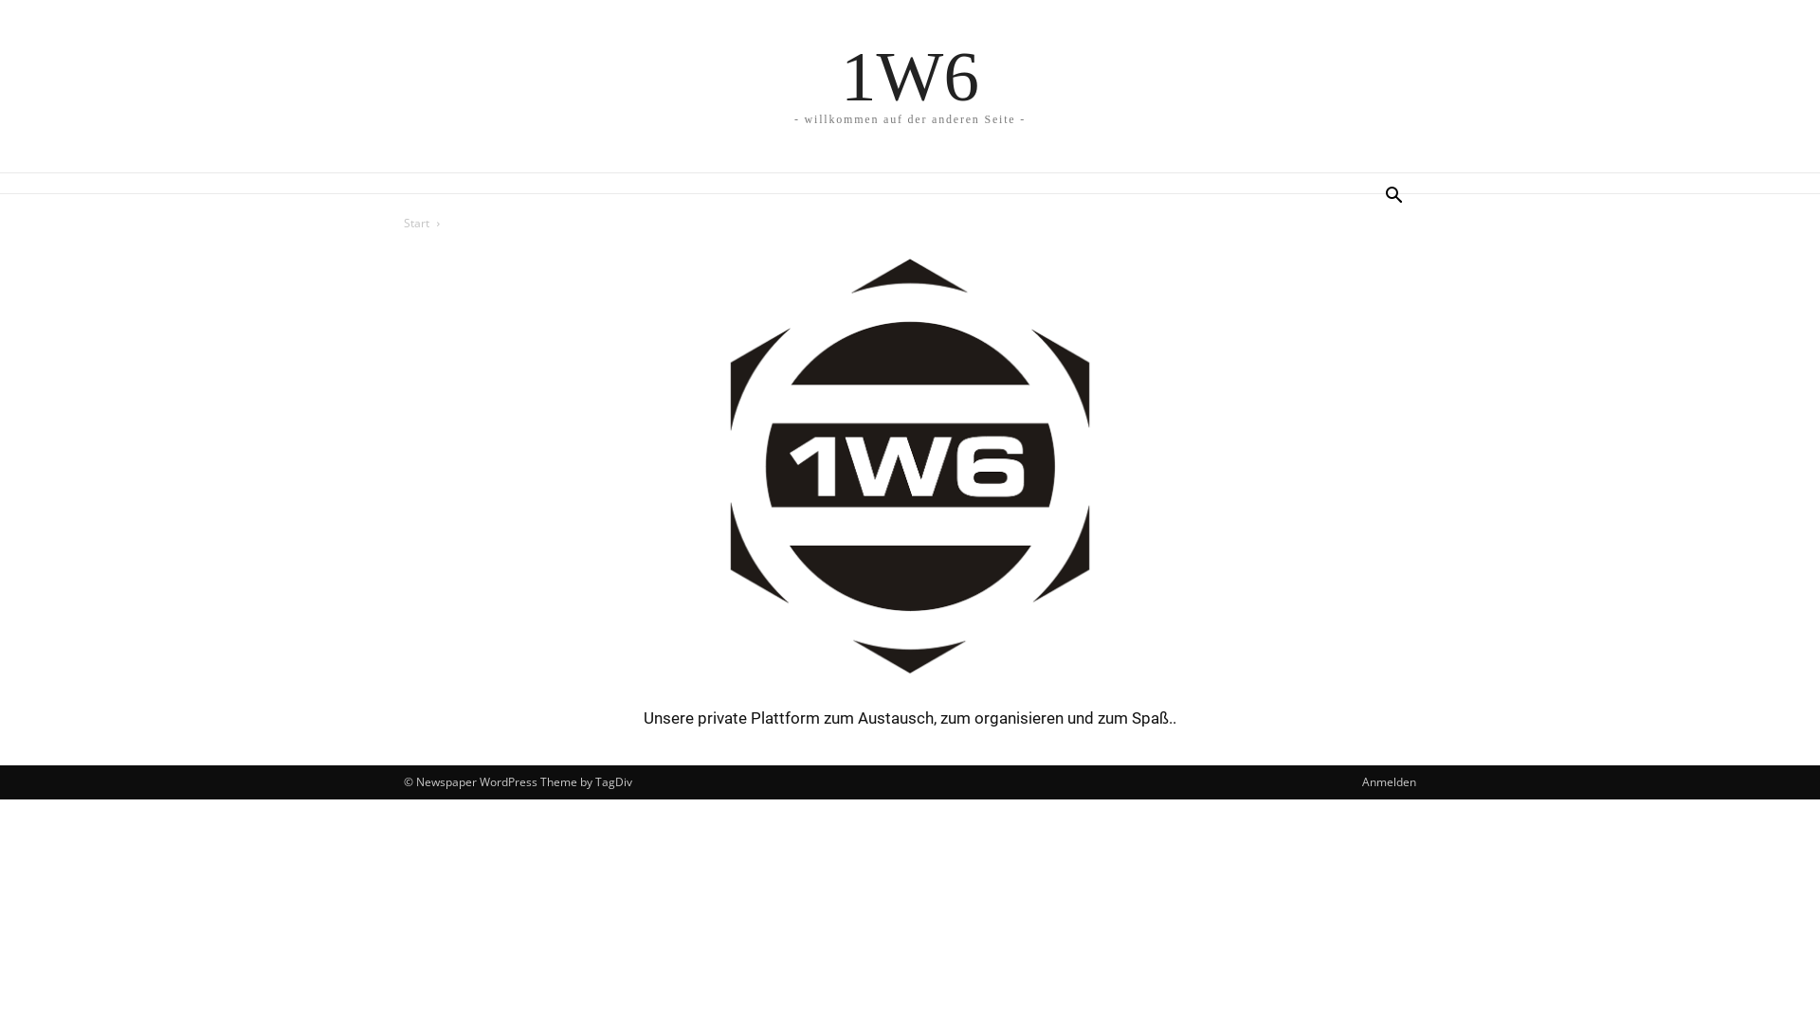 The height and width of the screenshot is (1023, 1820). What do you see at coordinates (910, 75) in the screenshot?
I see `'1W6'` at bounding box center [910, 75].